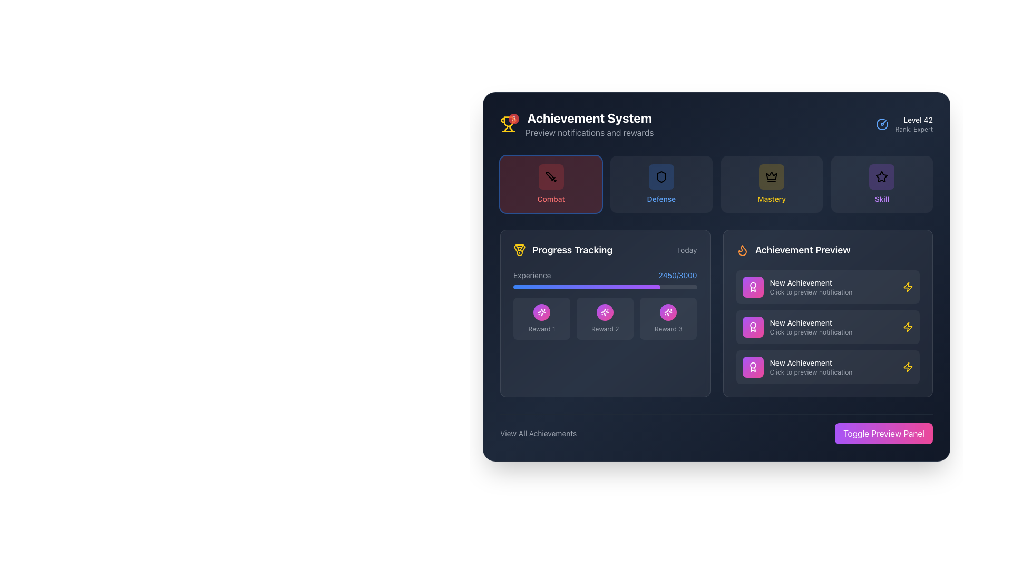  I want to click on the circular button with a gradient background transitioning from purple to pink located in the middle of the 'Progress Tracking' section, so click(605, 312).